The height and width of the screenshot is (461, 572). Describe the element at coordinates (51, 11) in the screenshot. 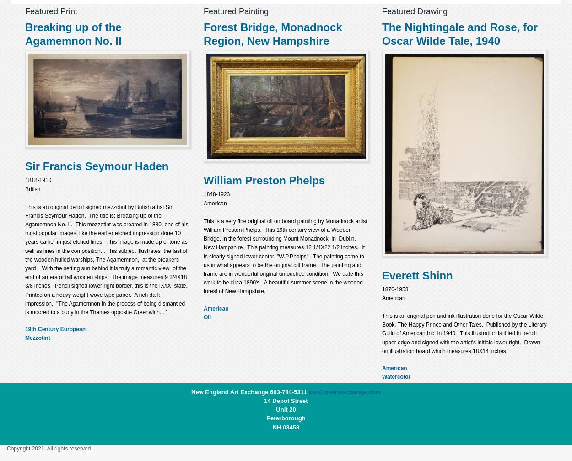

I see `'Featured Print'` at that location.